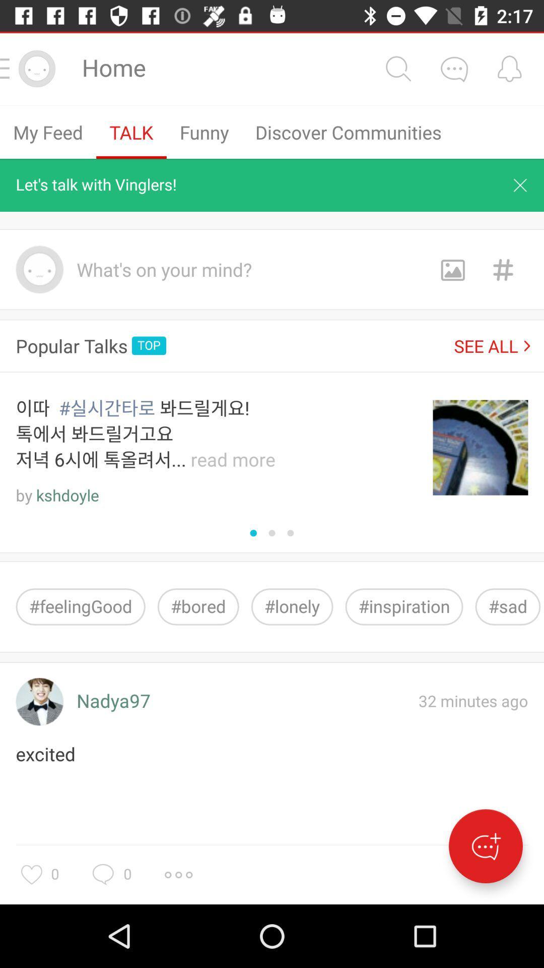  Describe the element at coordinates (67, 496) in the screenshot. I see `the item next to by` at that location.